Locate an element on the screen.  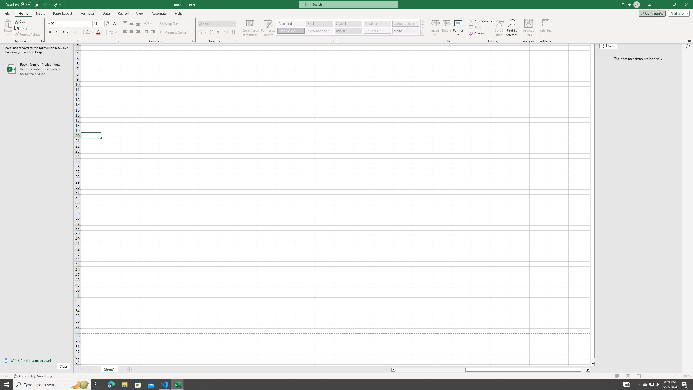
'Page left' is located at coordinates (430, 369).